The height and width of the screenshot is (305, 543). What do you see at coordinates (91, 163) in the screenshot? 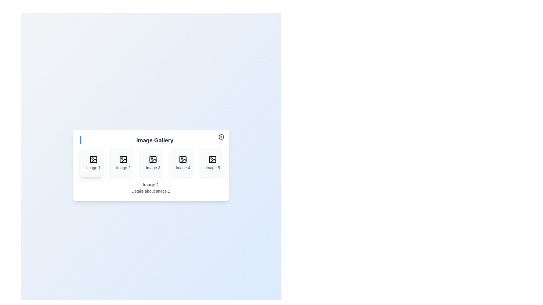
I see `the image thumbnail corresponding to 1` at bounding box center [91, 163].